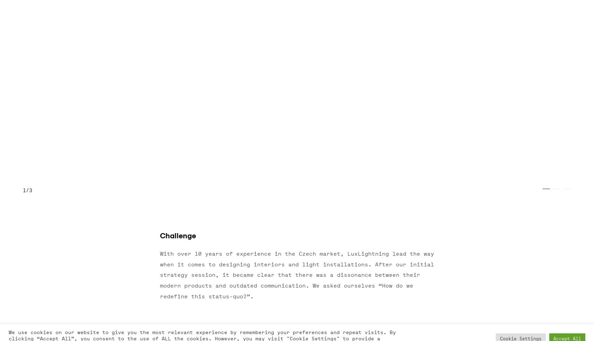 This screenshot has width=594, height=341. Describe the element at coordinates (177, 236) in the screenshot. I see `'Challenge'` at that location.